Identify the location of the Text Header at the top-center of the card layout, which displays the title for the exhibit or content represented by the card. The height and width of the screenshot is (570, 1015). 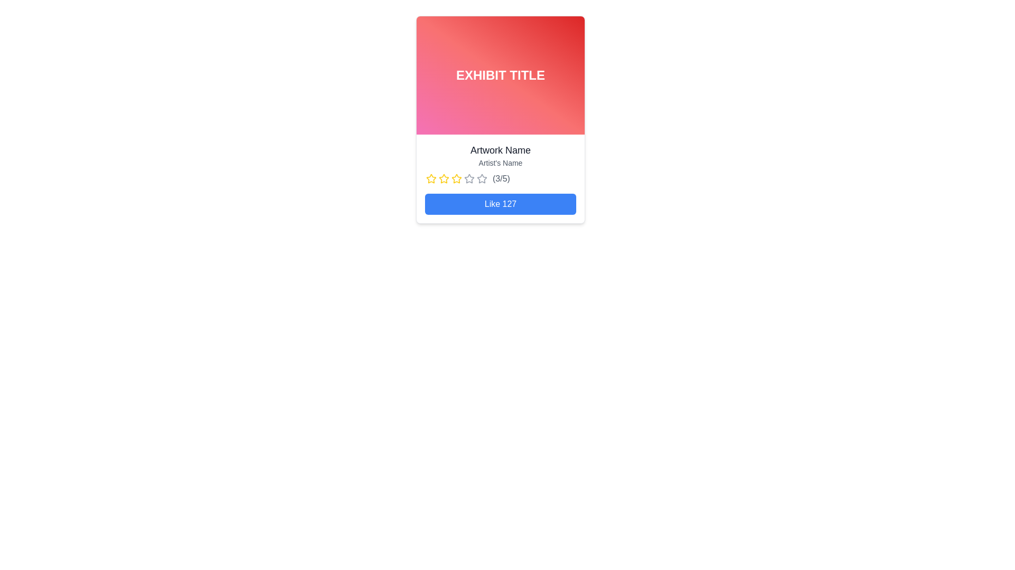
(500, 74).